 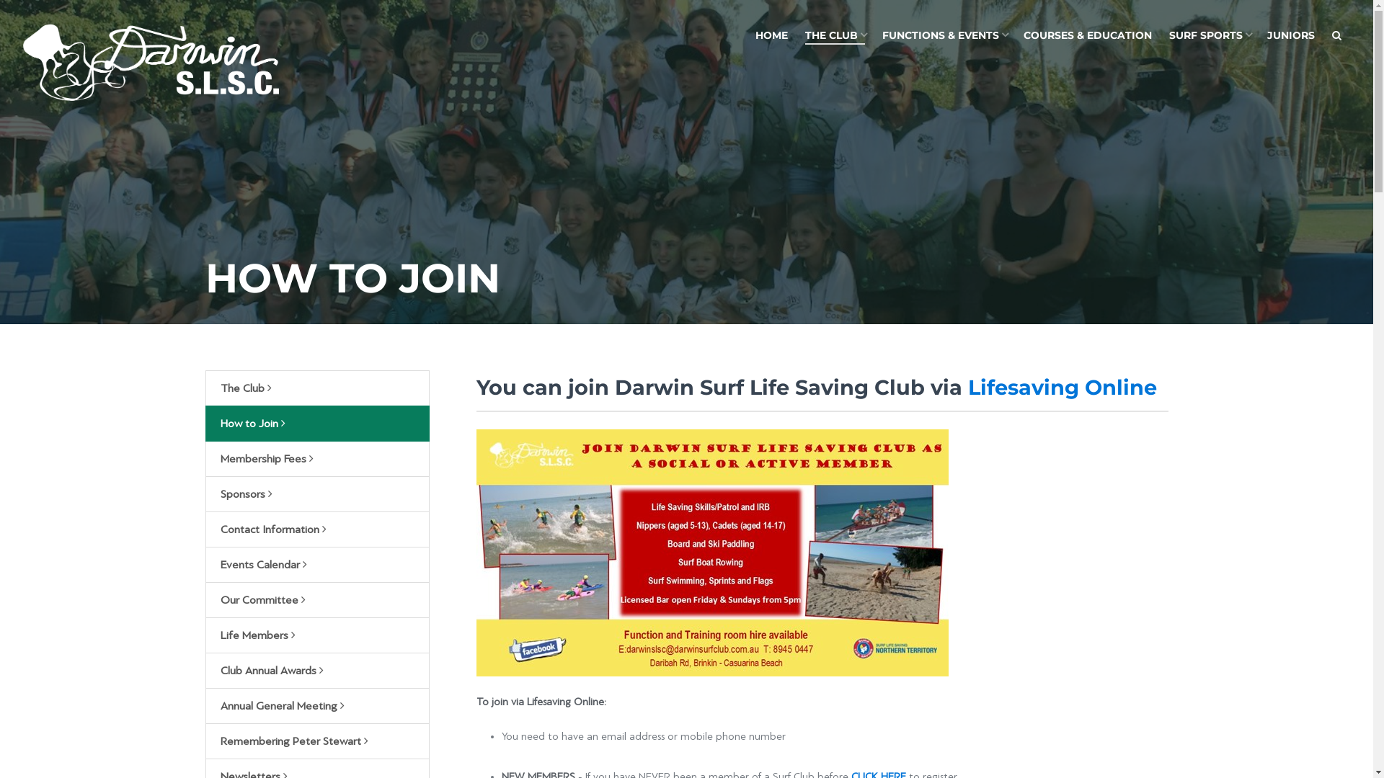 I want to click on 'Our Committee ', so click(x=316, y=600).